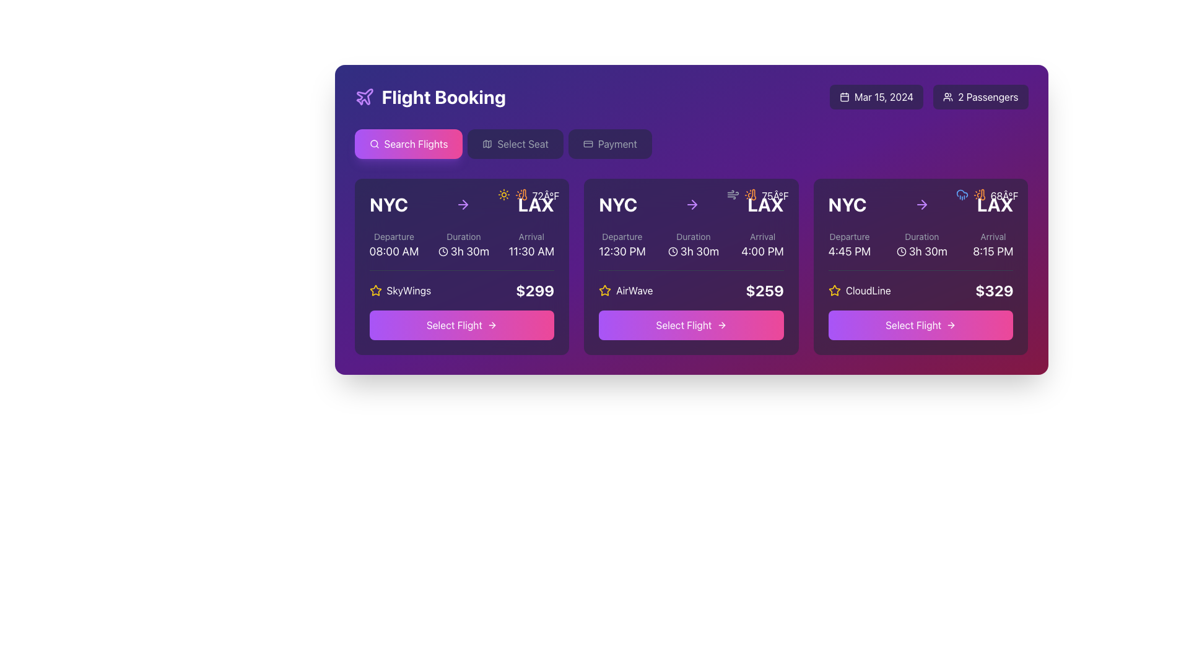  I want to click on the circular clock face icon within the first flight information card, which is located to the right of the departure time field and represents flight duration information, so click(443, 251).